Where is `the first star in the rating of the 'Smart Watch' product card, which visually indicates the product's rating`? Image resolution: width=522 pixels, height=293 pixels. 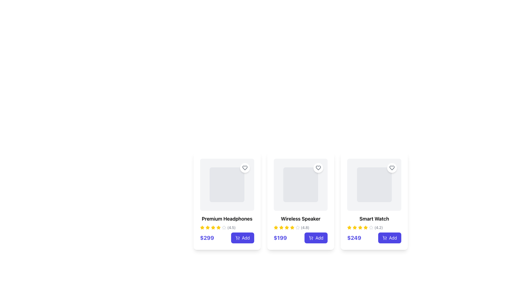
the first star in the rating of the 'Smart Watch' product card, which visually indicates the product's rating is located at coordinates (349, 228).